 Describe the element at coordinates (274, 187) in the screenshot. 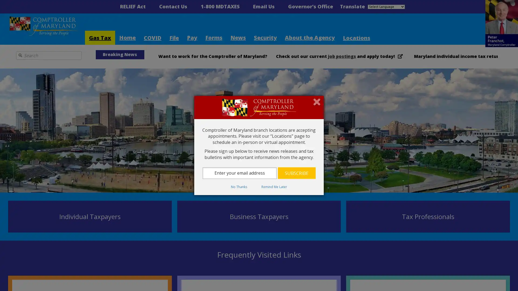

I see `Remind Me Later` at that location.